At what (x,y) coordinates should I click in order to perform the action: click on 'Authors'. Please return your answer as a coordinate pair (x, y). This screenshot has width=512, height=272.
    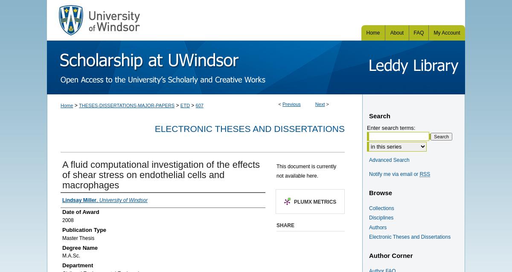
    Looking at the image, I should click on (377, 227).